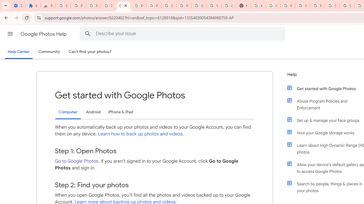 This screenshot has height=204, width=364. What do you see at coordinates (18, 52) in the screenshot?
I see `'Help Center'` at bounding box center [18, 52].